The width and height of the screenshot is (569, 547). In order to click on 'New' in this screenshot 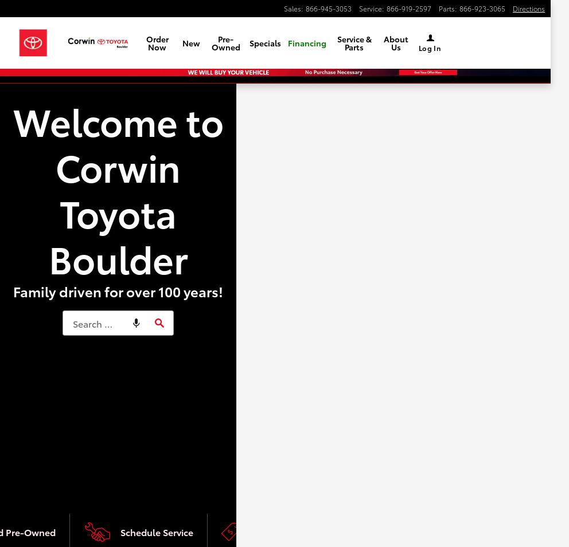, I will do `click(190, 42)`.